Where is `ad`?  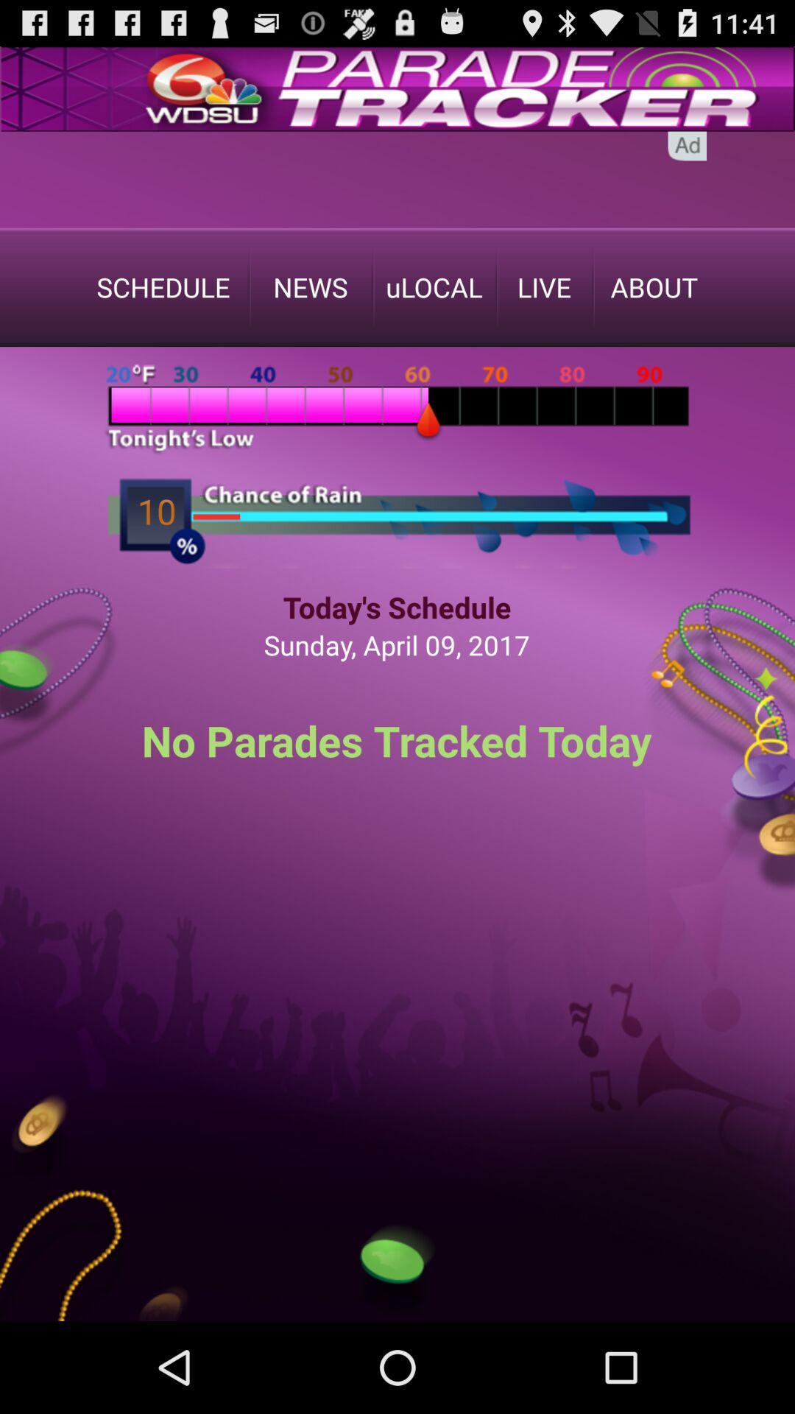 ad is located at coordinates (687, 146).